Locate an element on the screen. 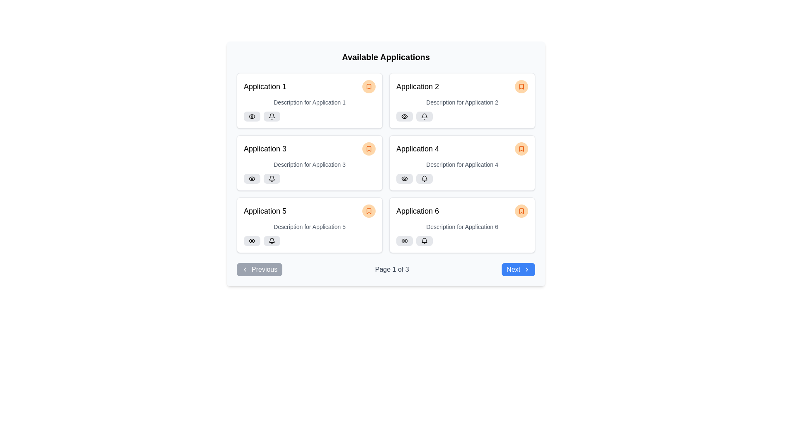 Image resolution: width=796 pixels, height=448 pixels. the bookmark icon located at the top-right corner of the 'Application 5' card in the bottom row of the application grid is located at coordinates (368, 211).